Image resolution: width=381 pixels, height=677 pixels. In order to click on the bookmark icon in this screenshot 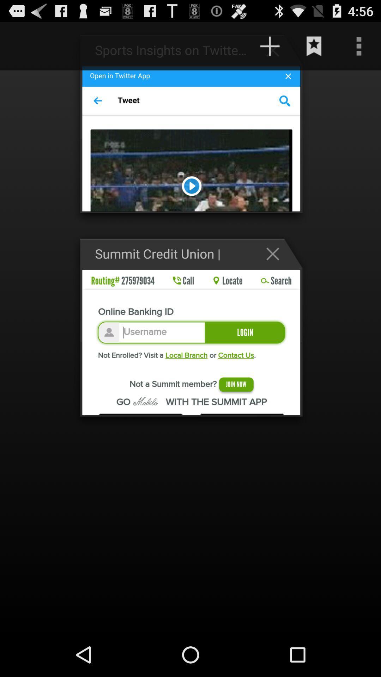, I will do `click(314, 49)`.